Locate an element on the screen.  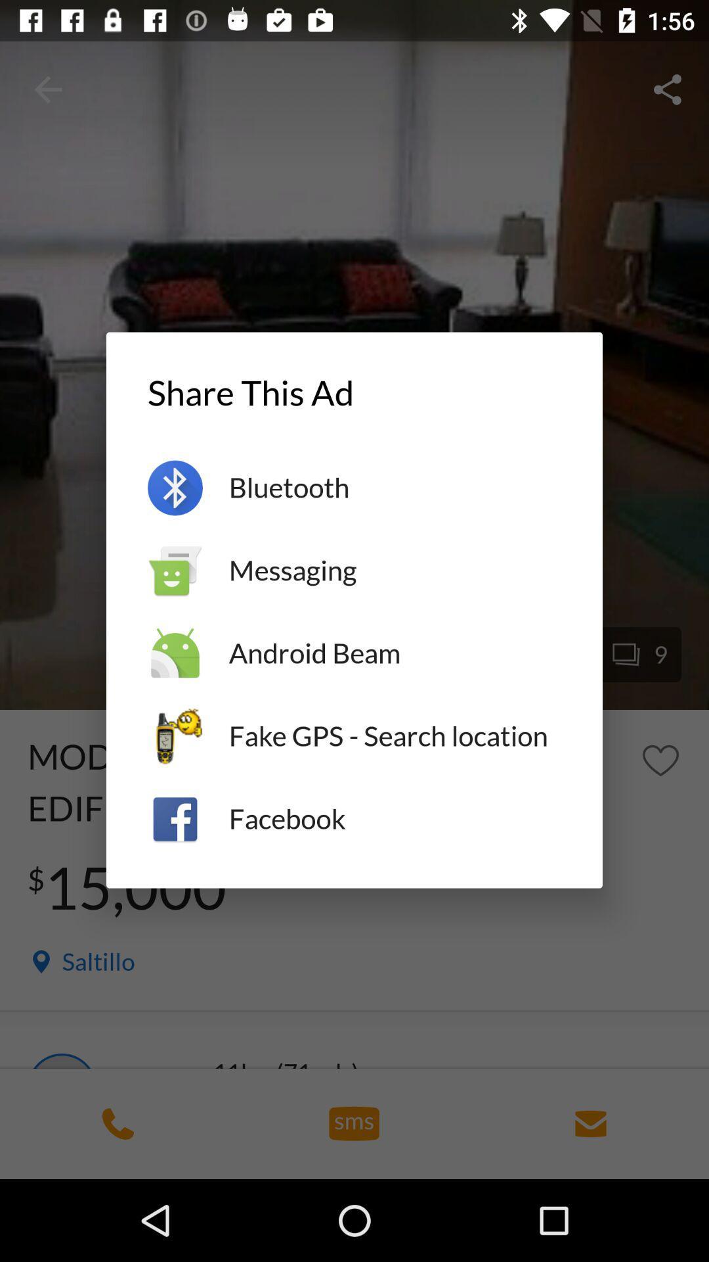
item below share this ad is located at coordinates (394, 487).